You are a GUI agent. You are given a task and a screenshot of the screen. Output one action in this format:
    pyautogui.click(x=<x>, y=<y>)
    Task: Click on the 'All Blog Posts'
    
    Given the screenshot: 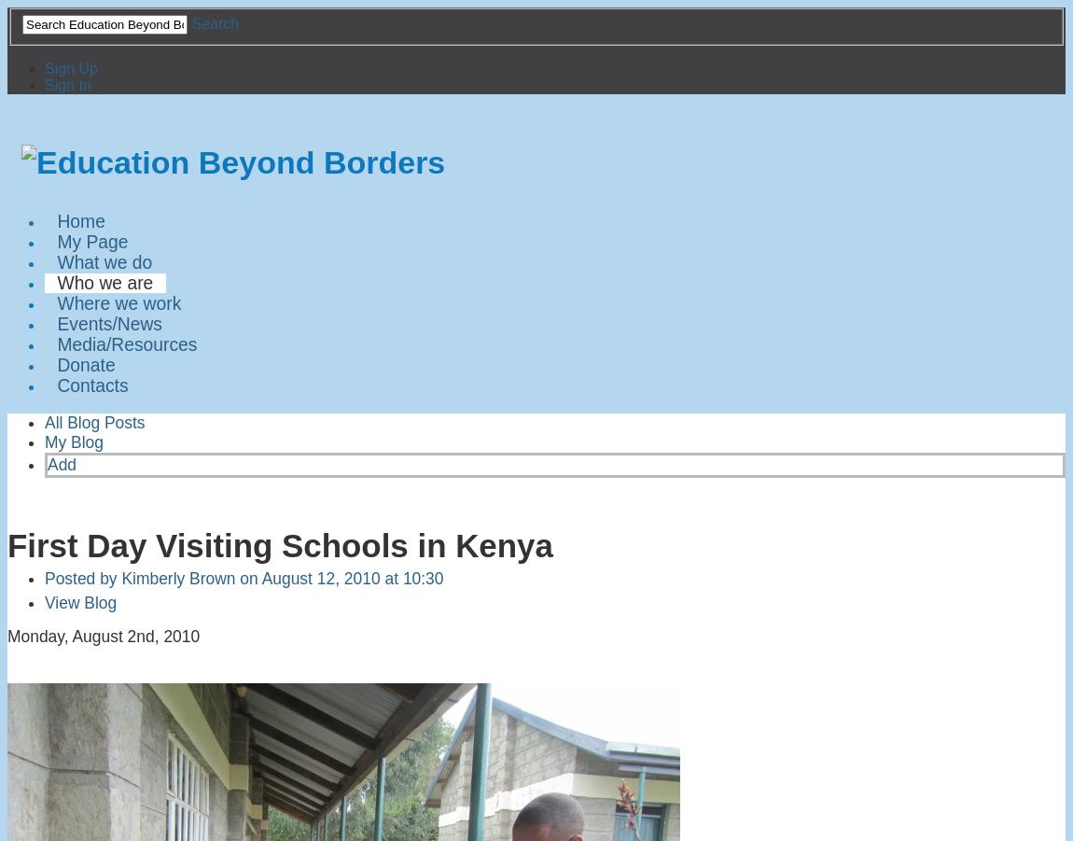 What is the action you would take?
    pyautogui.click(x=93, y=422)
    